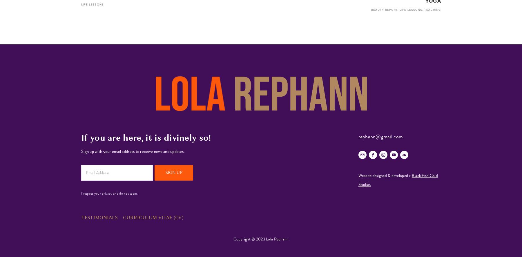 Image resolution: width=522 pixels, height=257 pixels. What do you see at coordinates (380, 136) in the screenshot?
I see `'rephann@gmail.com'` at bounding box center [380, 136].